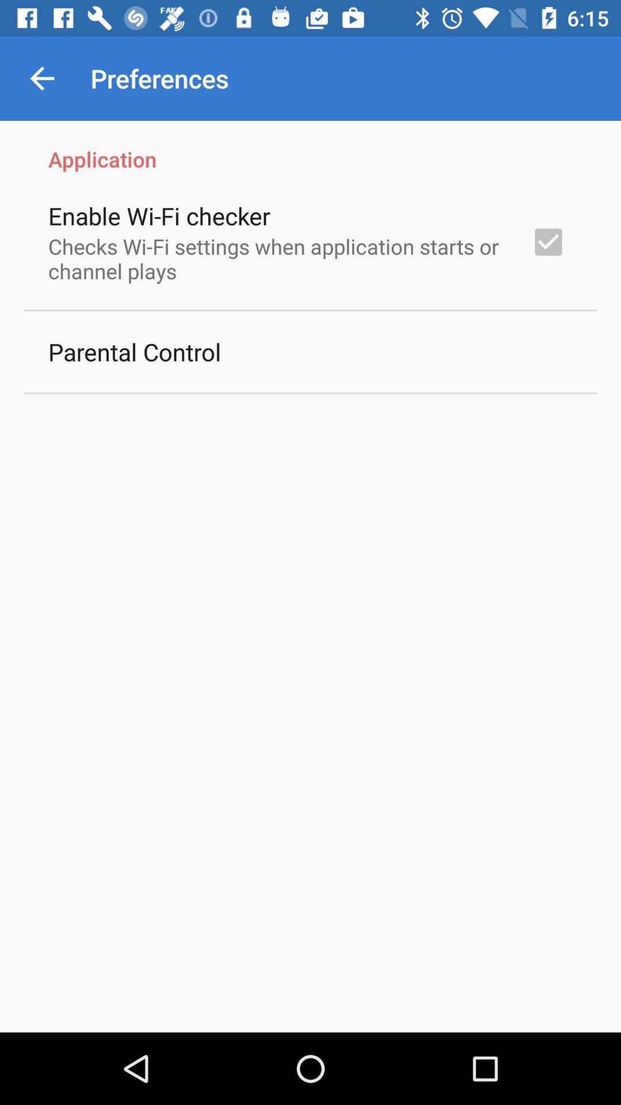 The image size is (621, 1105). Describe the element at coordinates (134, 351) in the screenshot. I see `the parental control item` at that location.